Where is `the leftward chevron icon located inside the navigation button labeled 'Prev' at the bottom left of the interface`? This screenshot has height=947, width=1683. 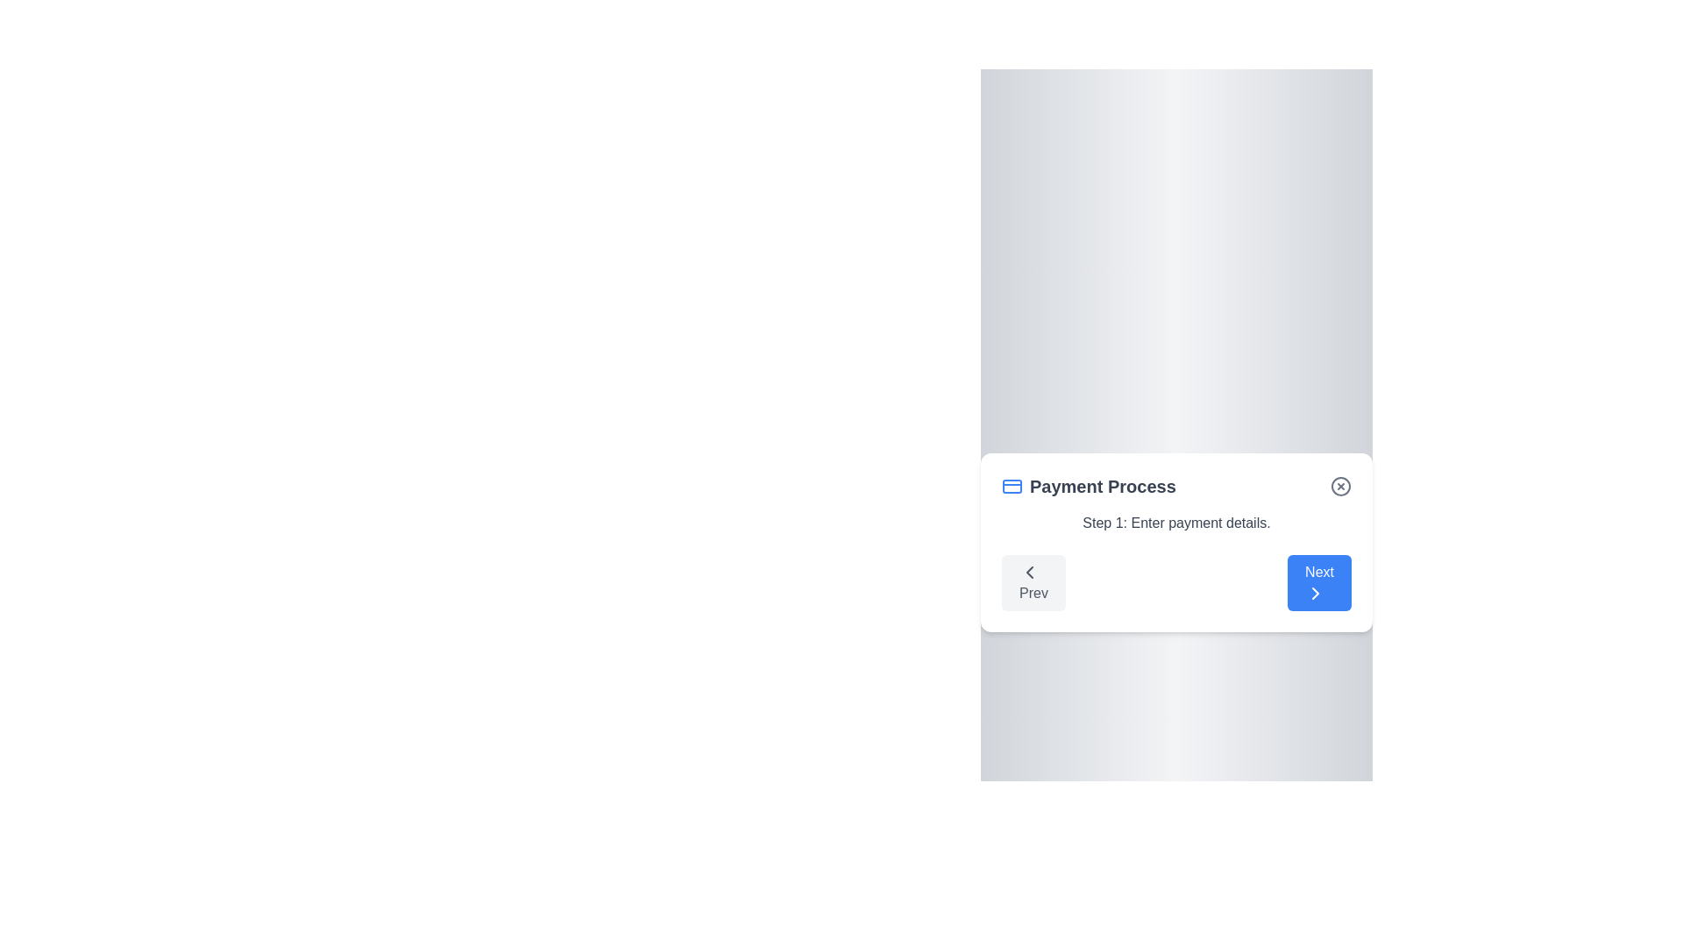 the leftward chevron icon located inside the navigation button labeled 'Prev' at the bottom left of the interface is located at coordinates (1030, 572).